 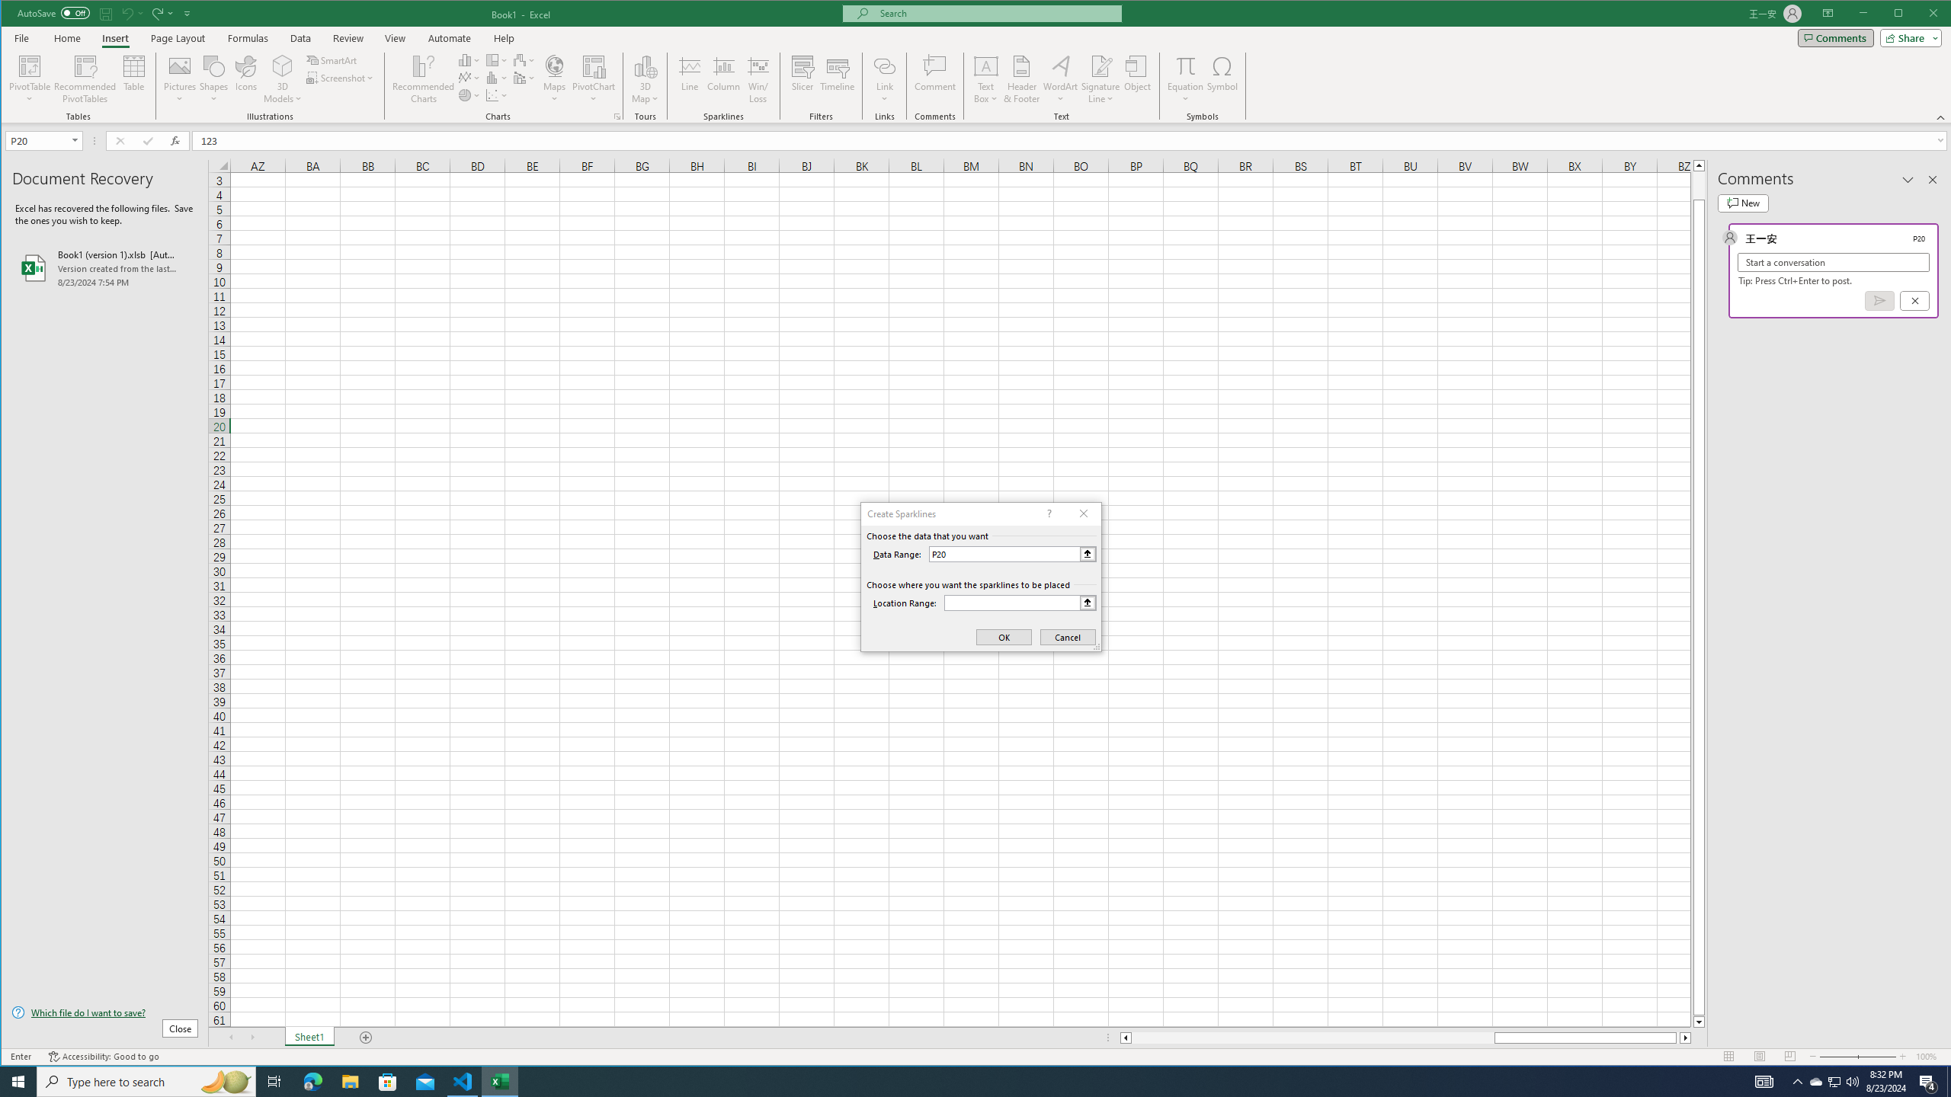 What do you see at coordinates (1833, 262) in the screenshot?
I see `'Start a conversation'` at bounding box center [1833, 262].